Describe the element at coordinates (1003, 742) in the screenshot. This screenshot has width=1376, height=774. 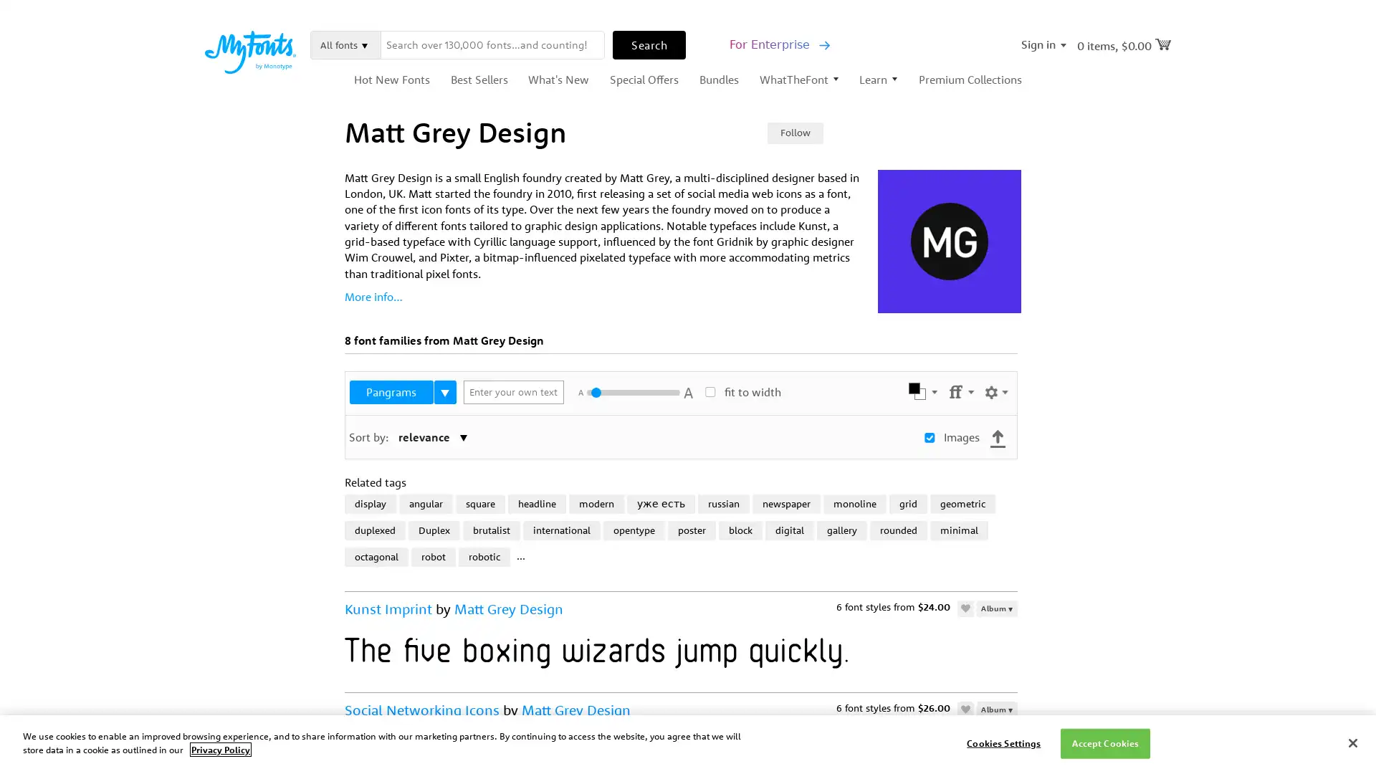
I see `Cookies Settings` at that location.